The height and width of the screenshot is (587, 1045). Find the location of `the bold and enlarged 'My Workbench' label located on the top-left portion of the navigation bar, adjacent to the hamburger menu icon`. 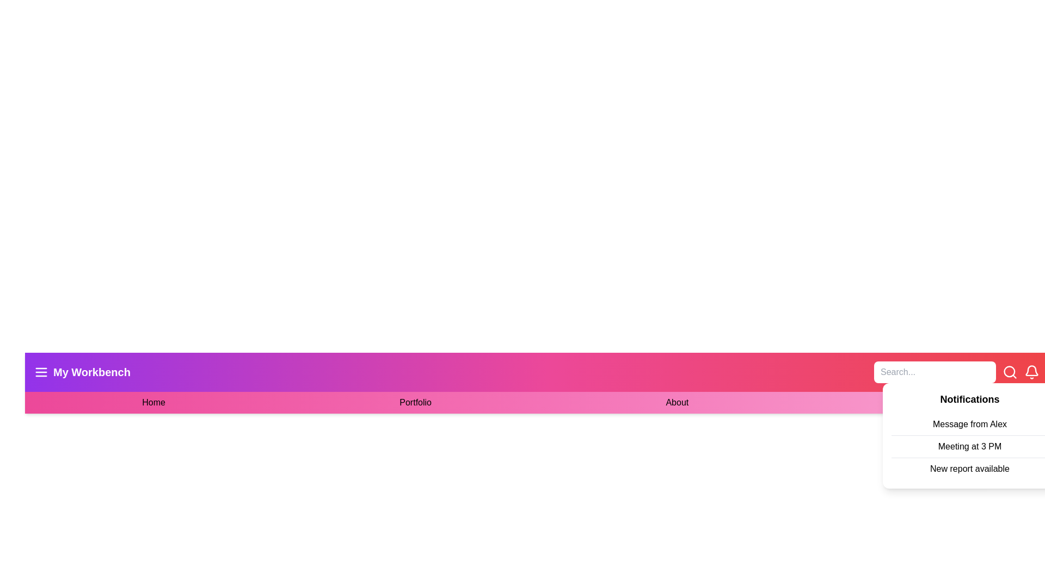

the bold and enlarged 'My Workbench' label located on the top-left portion of the navigation bar, adjacent to the hamburger menu icon is located at coordinates (91, 372).